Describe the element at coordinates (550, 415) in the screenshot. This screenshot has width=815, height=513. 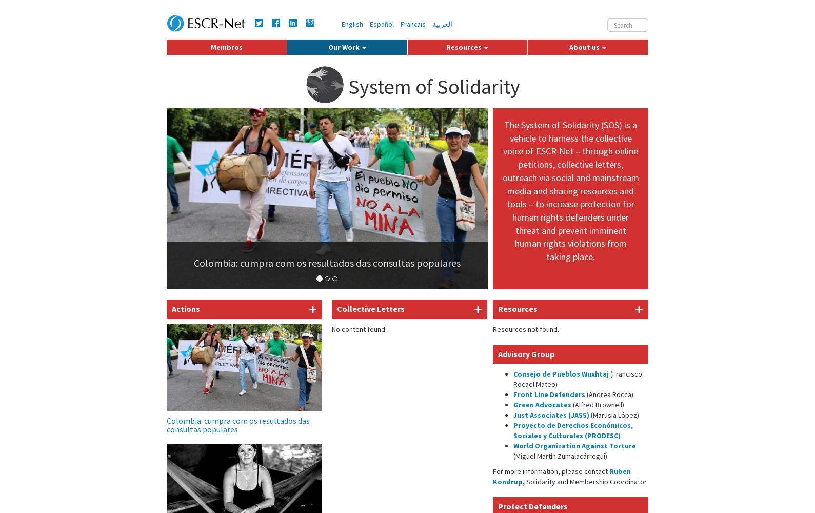
I see `'Just Associates (JASS)'` at that location.